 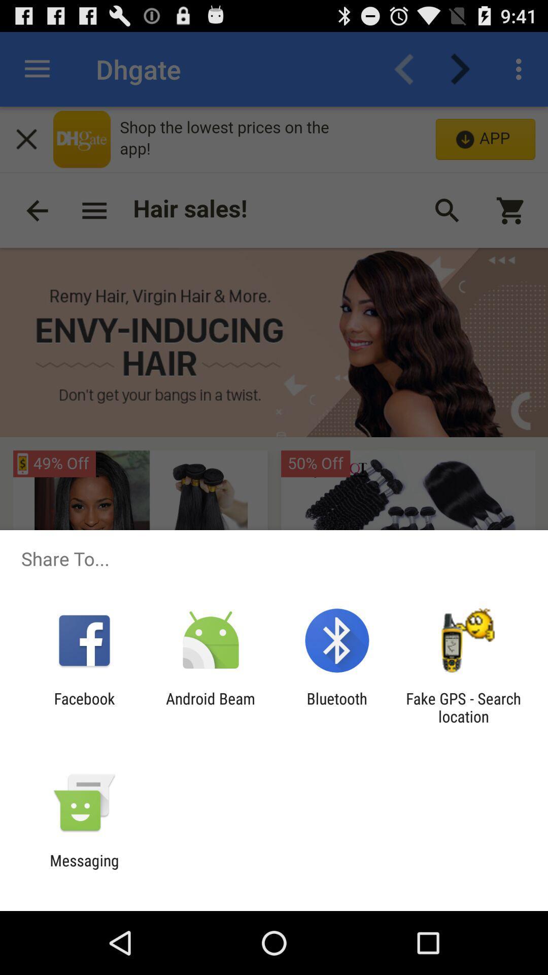 What do you see at coordinates (210, 707) in the screenshot?
I see `the icon to the left of the bluetooth icon` at bounding box center [210, 707].